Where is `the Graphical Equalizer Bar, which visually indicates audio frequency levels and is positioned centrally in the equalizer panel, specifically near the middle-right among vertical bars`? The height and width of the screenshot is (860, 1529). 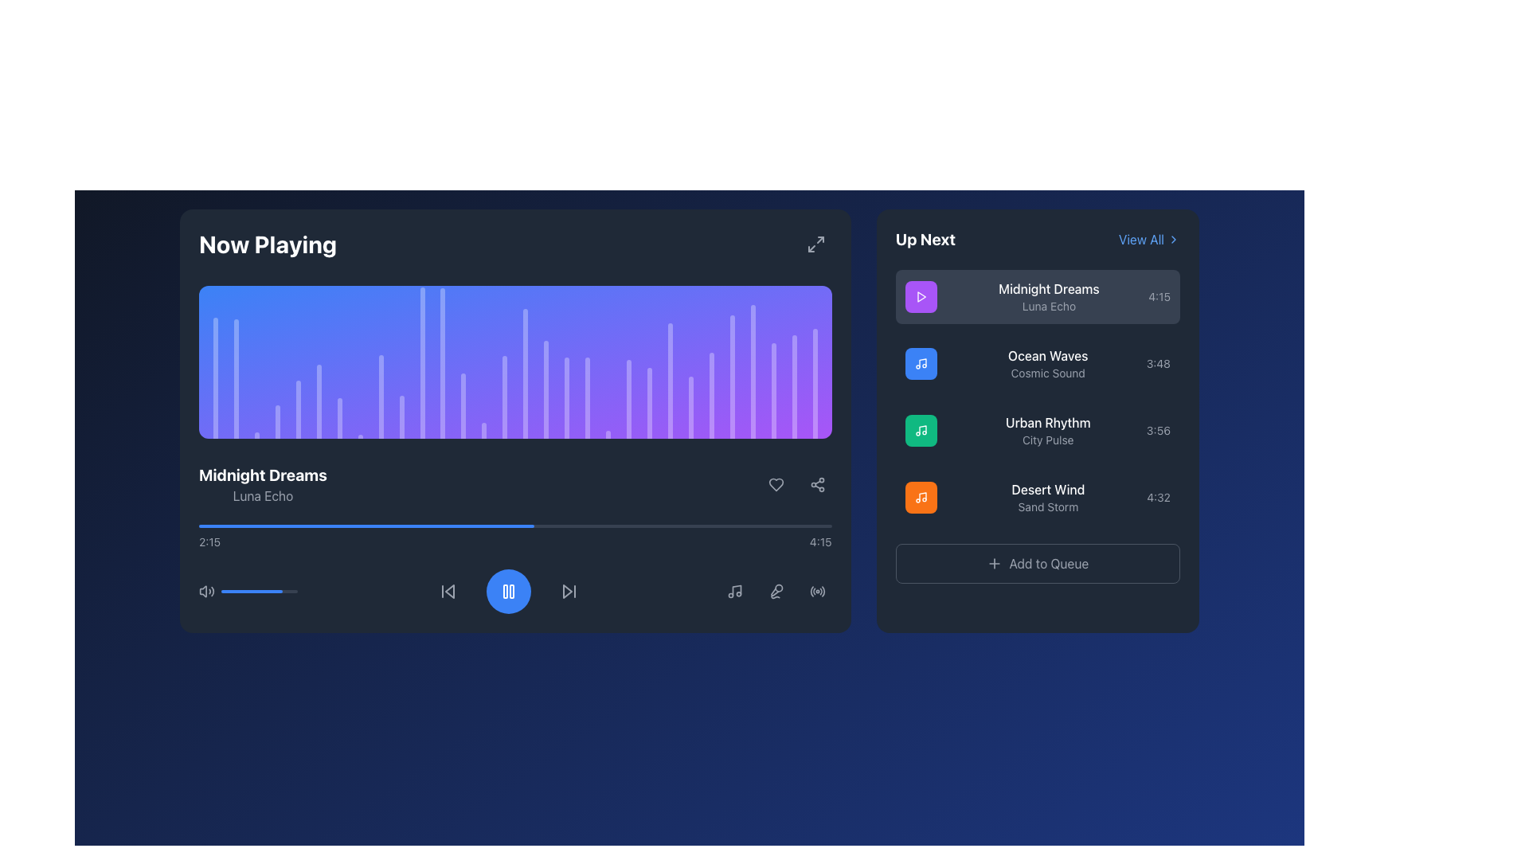
the Graphical Equalizer Bar, which visually indicates audio frequency levels and is positioned centrally in the equalizer panel, specifically near the middle-right among vertical bars is located at coordinates (690, 407).